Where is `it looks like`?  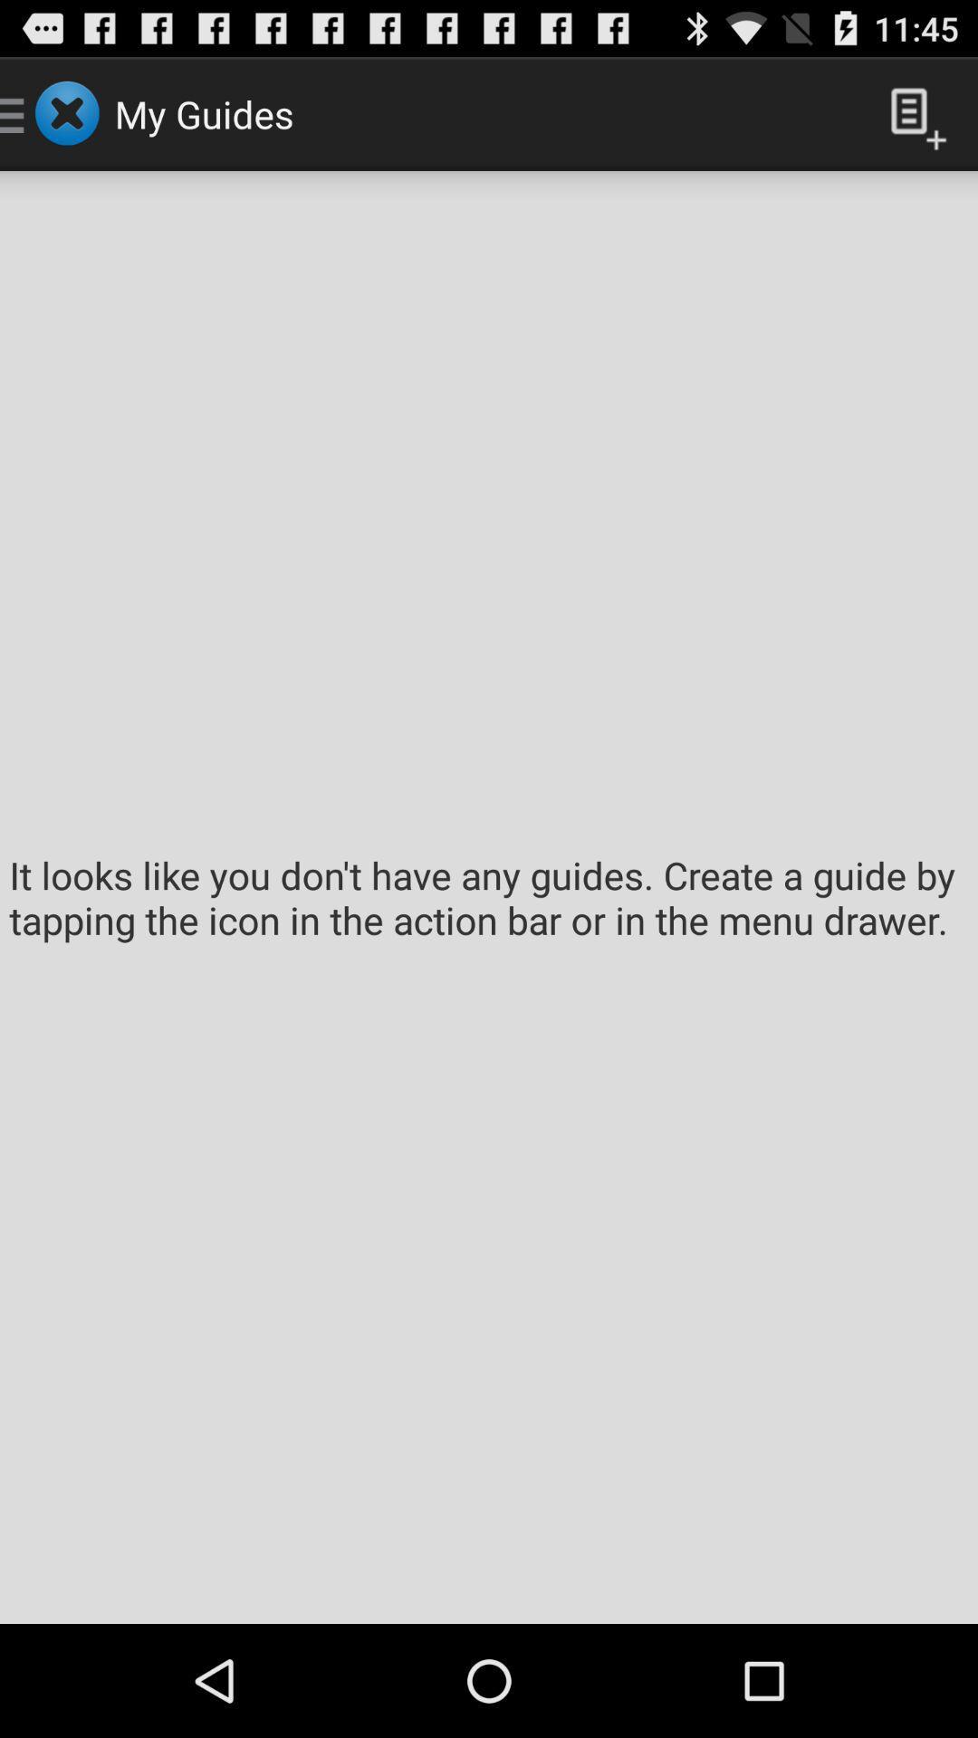 it looks like is located at coordinates (489, 897).